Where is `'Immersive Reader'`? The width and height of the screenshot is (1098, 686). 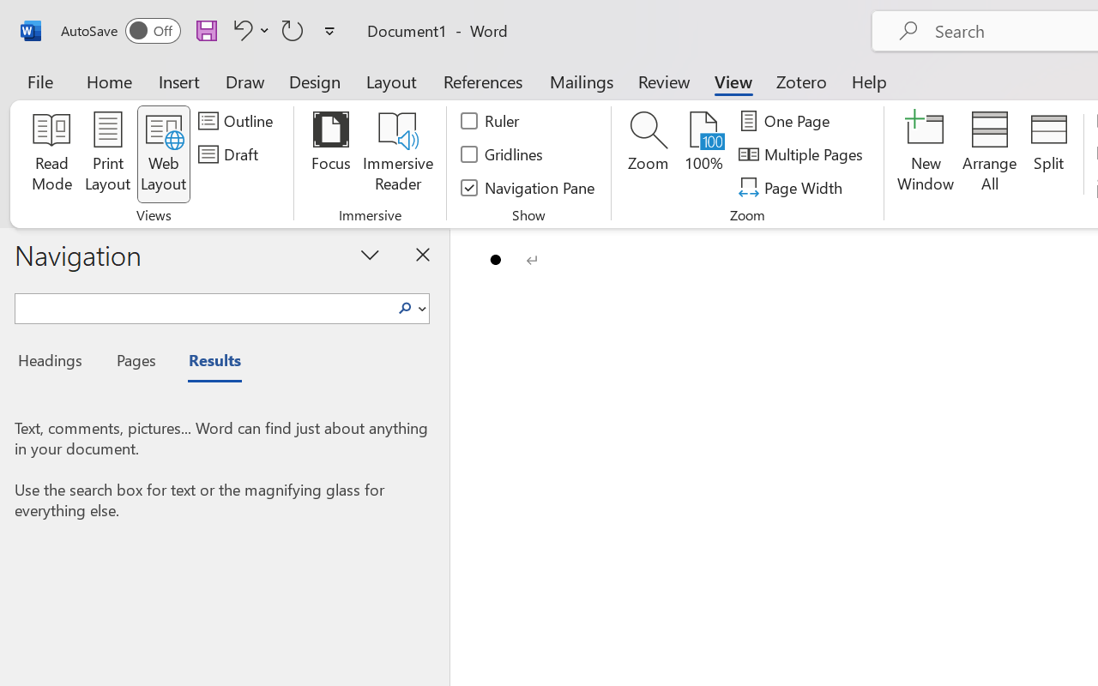 'Immersive Reader' is located at coordinates (397, 153).